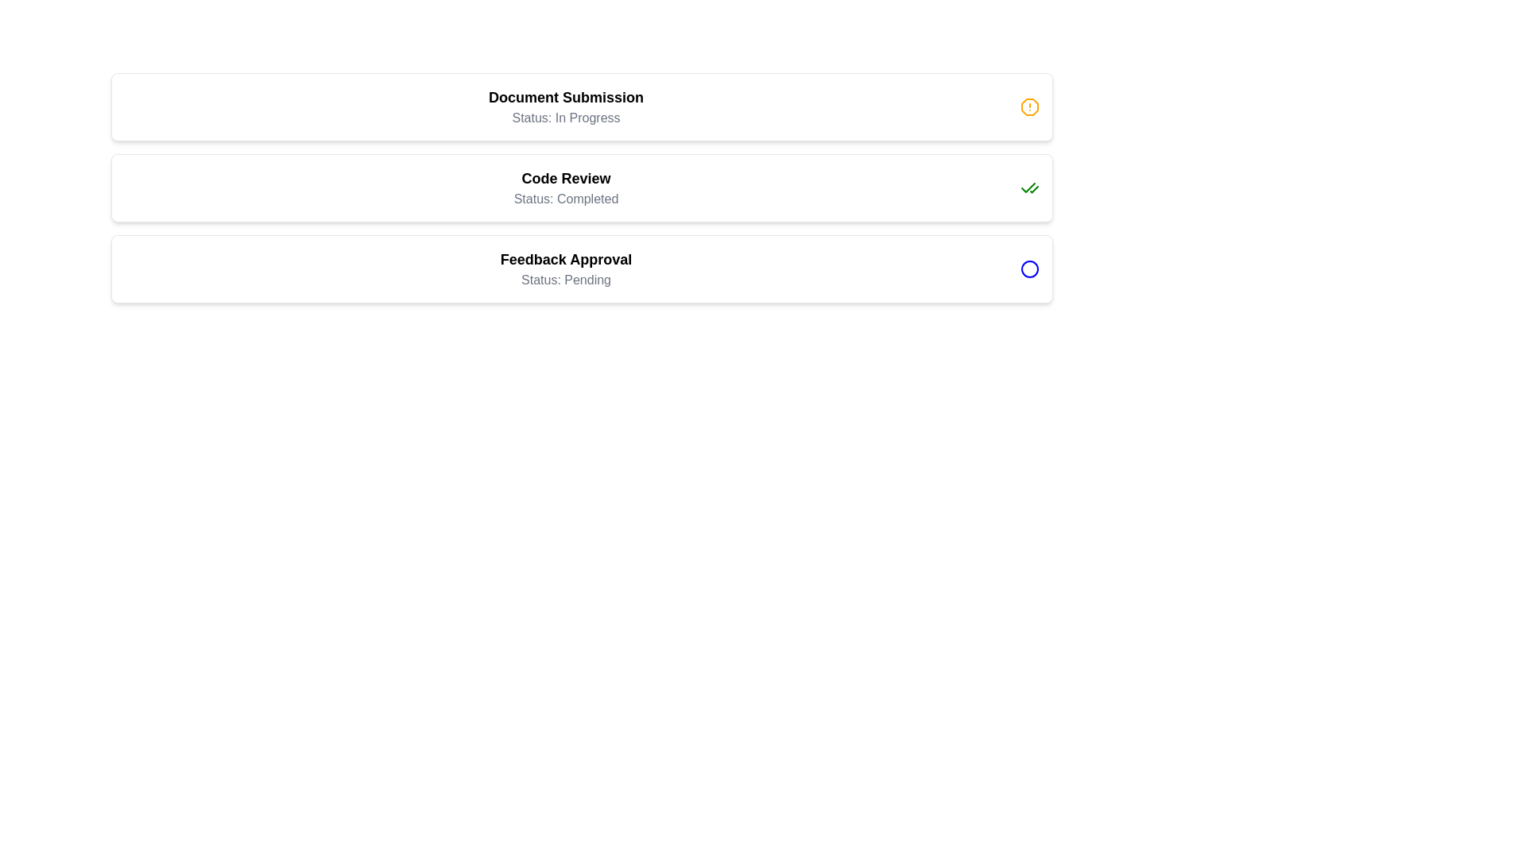 Image resolution: width=1526 pixels, height=858 pixels. Describe the element at coordinates (1030, 187) in the screenshot. I see `the green double-checkmark icon located at the top-right corner of the 'Code Review' card` at that location.